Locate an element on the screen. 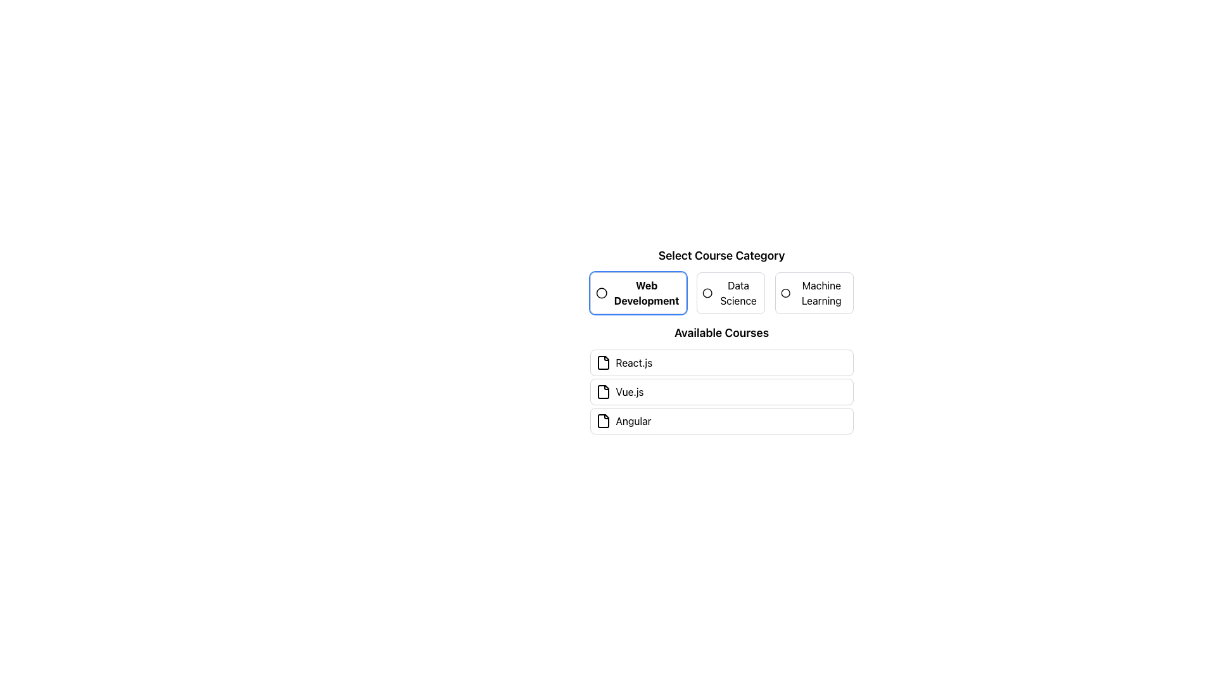 The height and width of the screenshot is (684, 1216). to select the second item in the list of available courses, which is a selectable item representing a programming course option is located at coordinates (721, 391).